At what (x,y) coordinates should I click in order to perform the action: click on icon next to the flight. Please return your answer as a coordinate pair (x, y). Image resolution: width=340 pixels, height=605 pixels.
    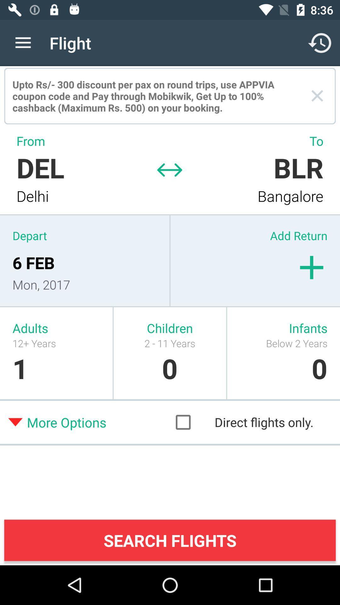
    Looking at the image, I should click on (320, 43).